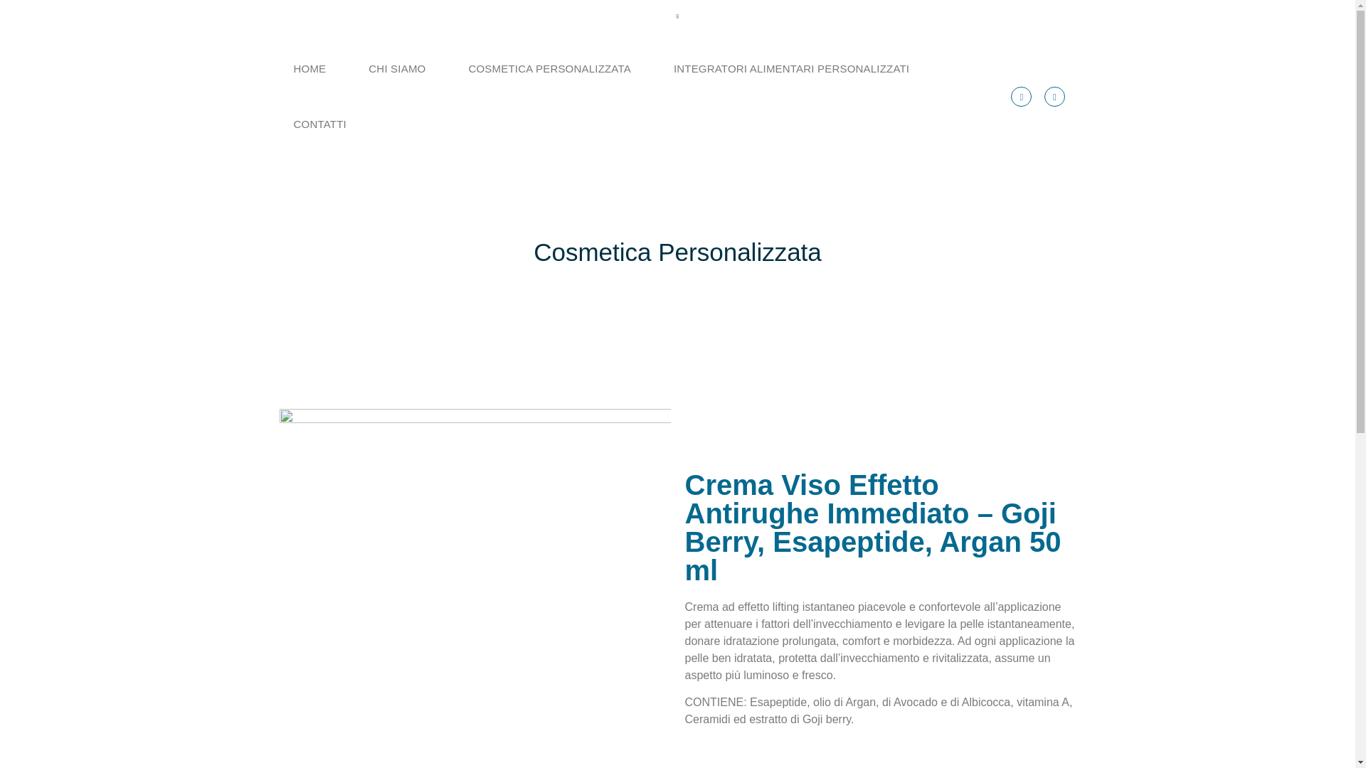 This screenshot has width=1366, height=768. I want to click on 'CONTATTI', so click(272, 123).